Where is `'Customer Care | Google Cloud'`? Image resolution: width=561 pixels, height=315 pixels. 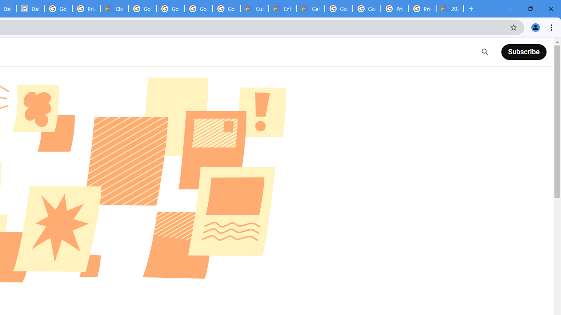
'Customer Care | Google Cloud' is located at coordinates (254, 9).